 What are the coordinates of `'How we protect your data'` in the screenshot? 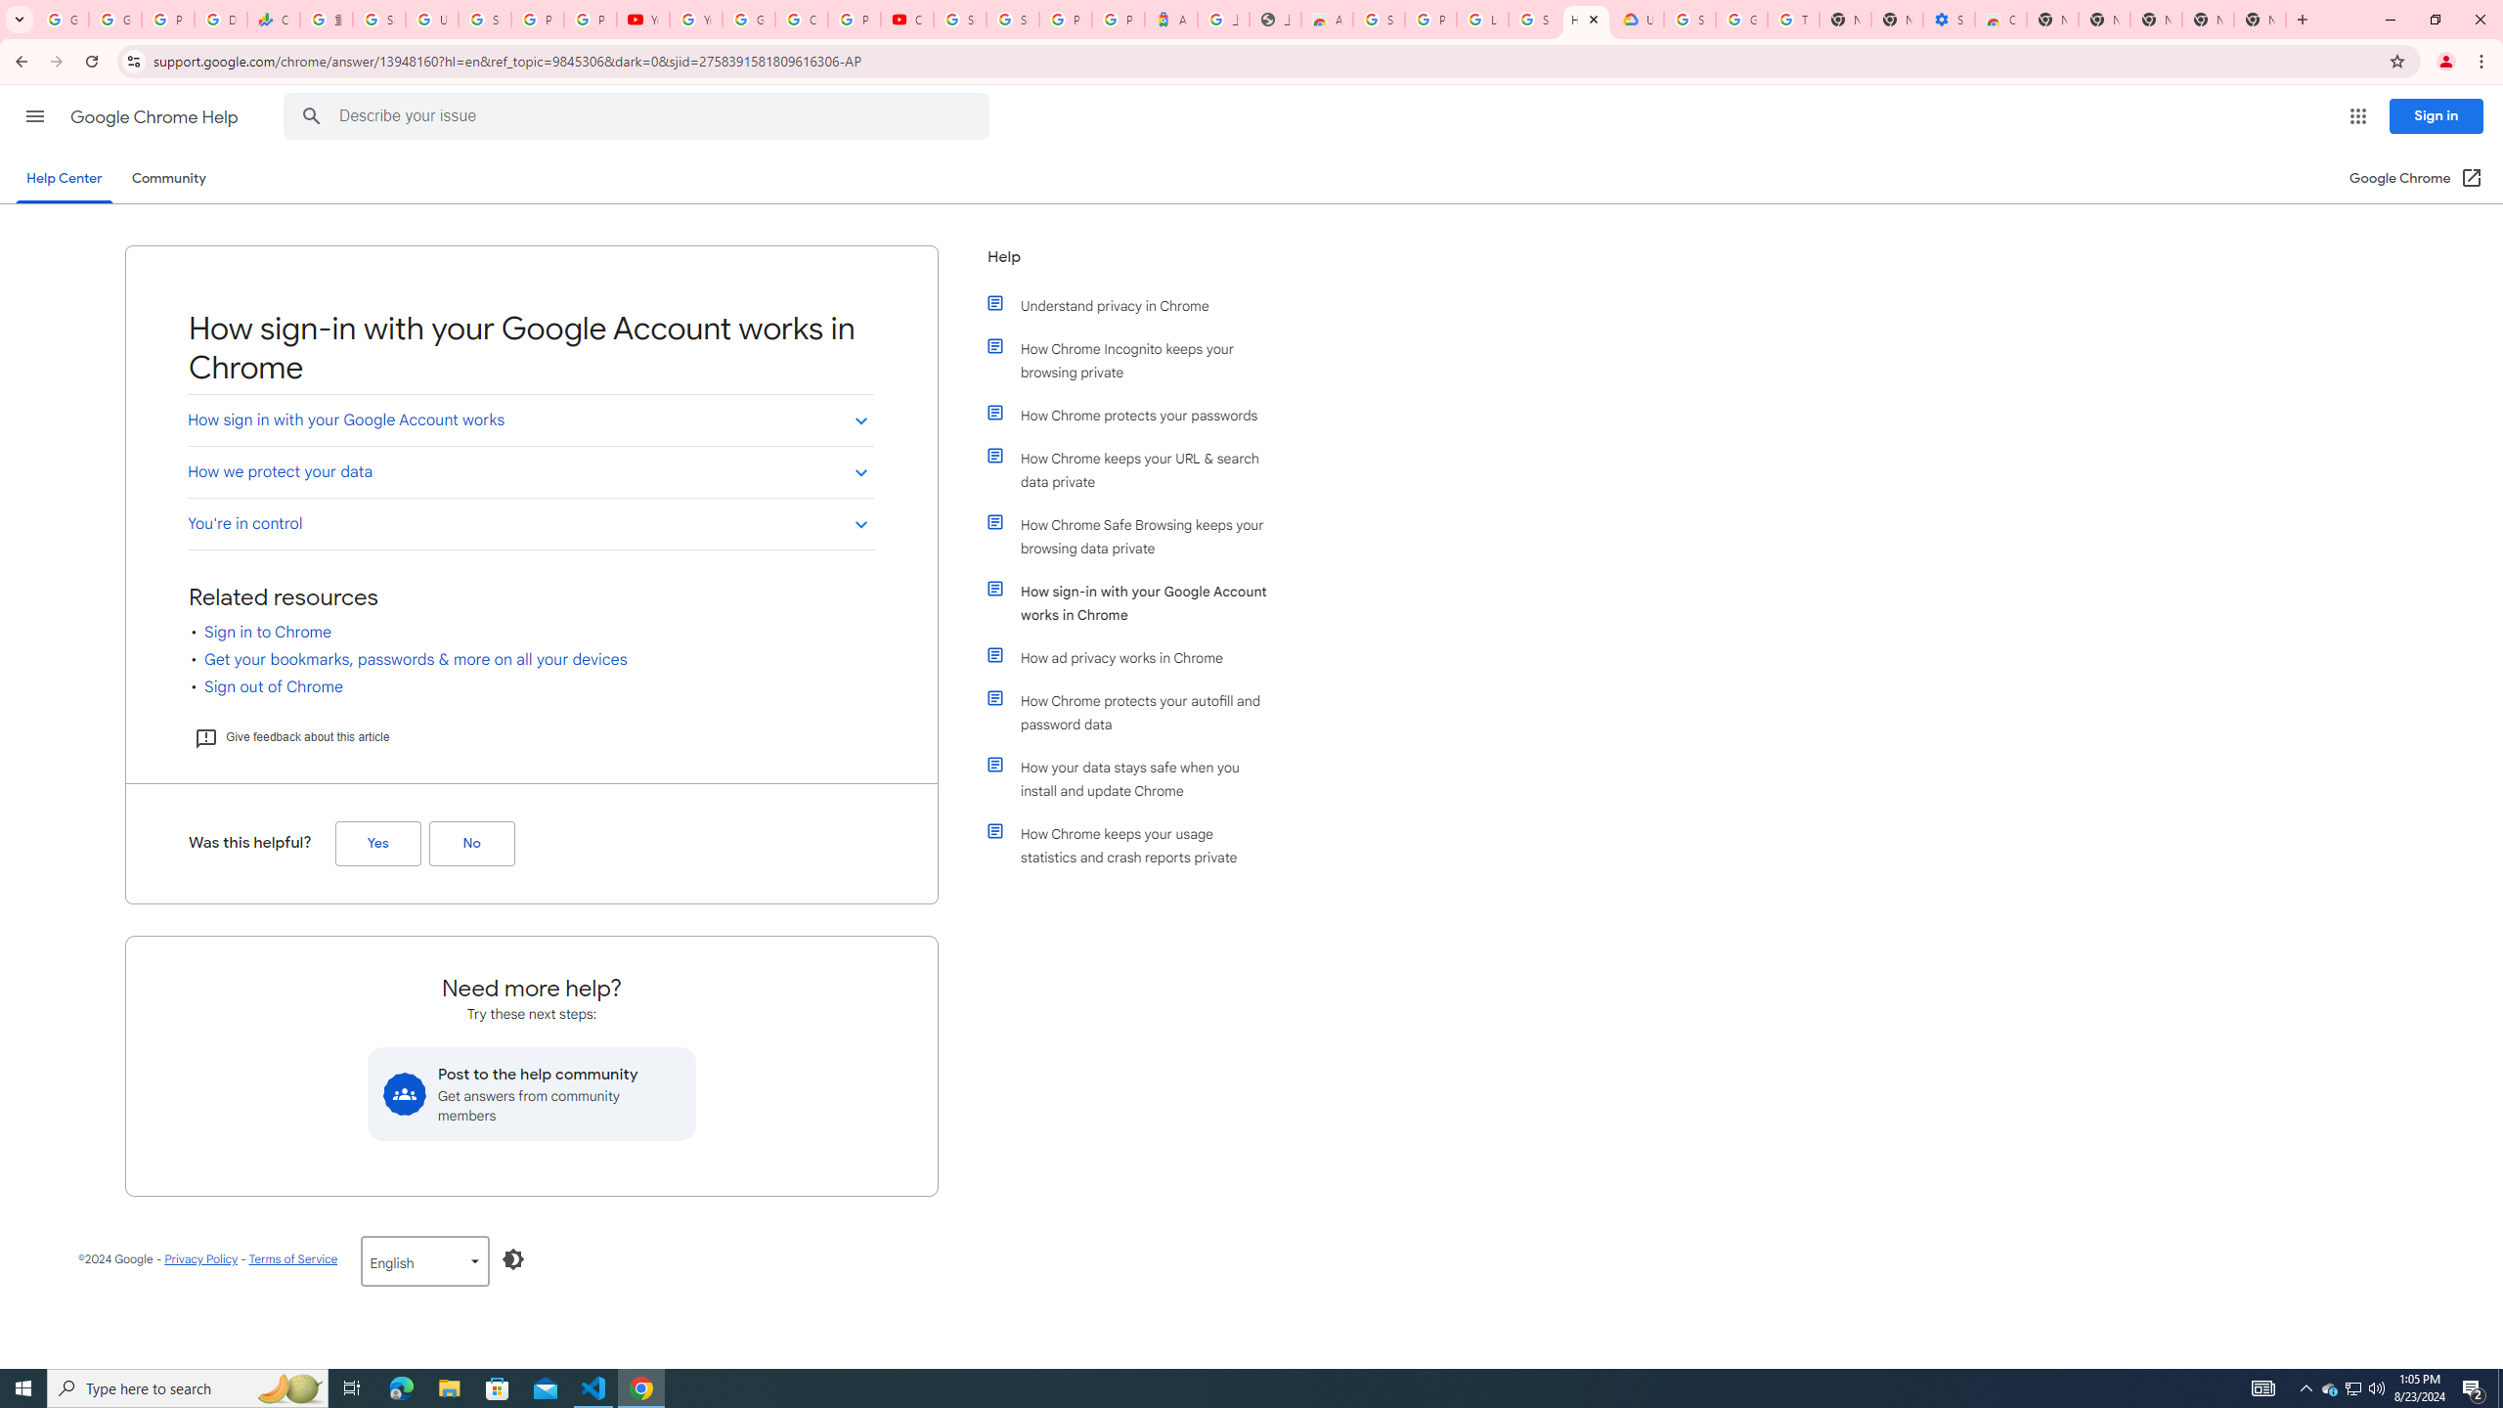 It's located at (530, 471).